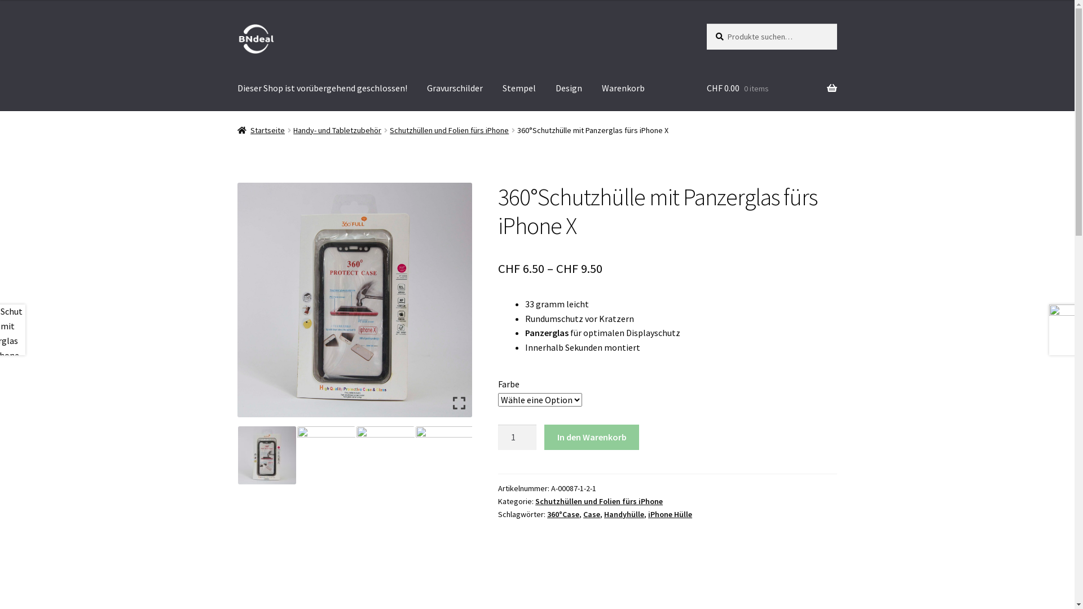  Describe the element at coordinates (516, 436) in the screenshot. I see `'Menge'` at that location.